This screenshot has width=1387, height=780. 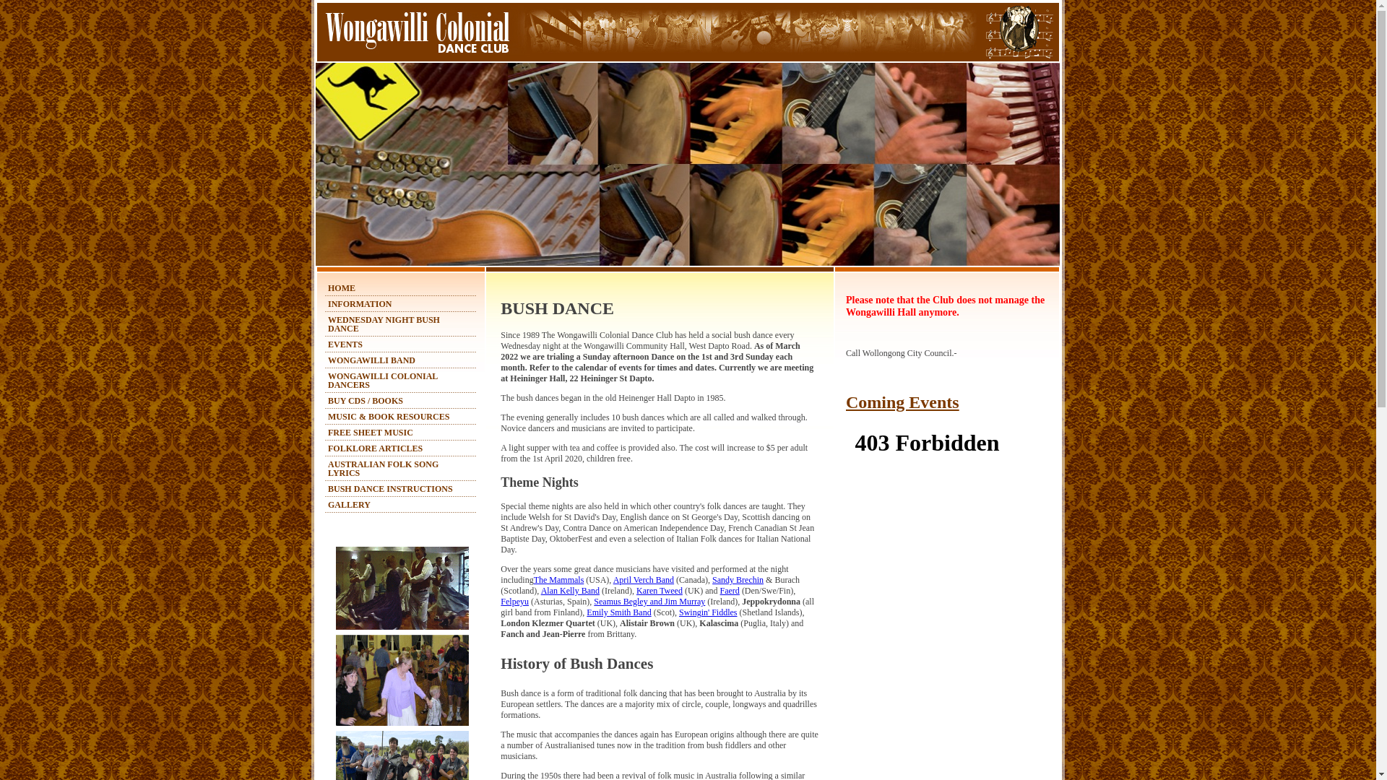 What do you see at coordinates (658, 590) in the screenshot?
I see `'Karen Tweed'` at bounding box center [658, 590].